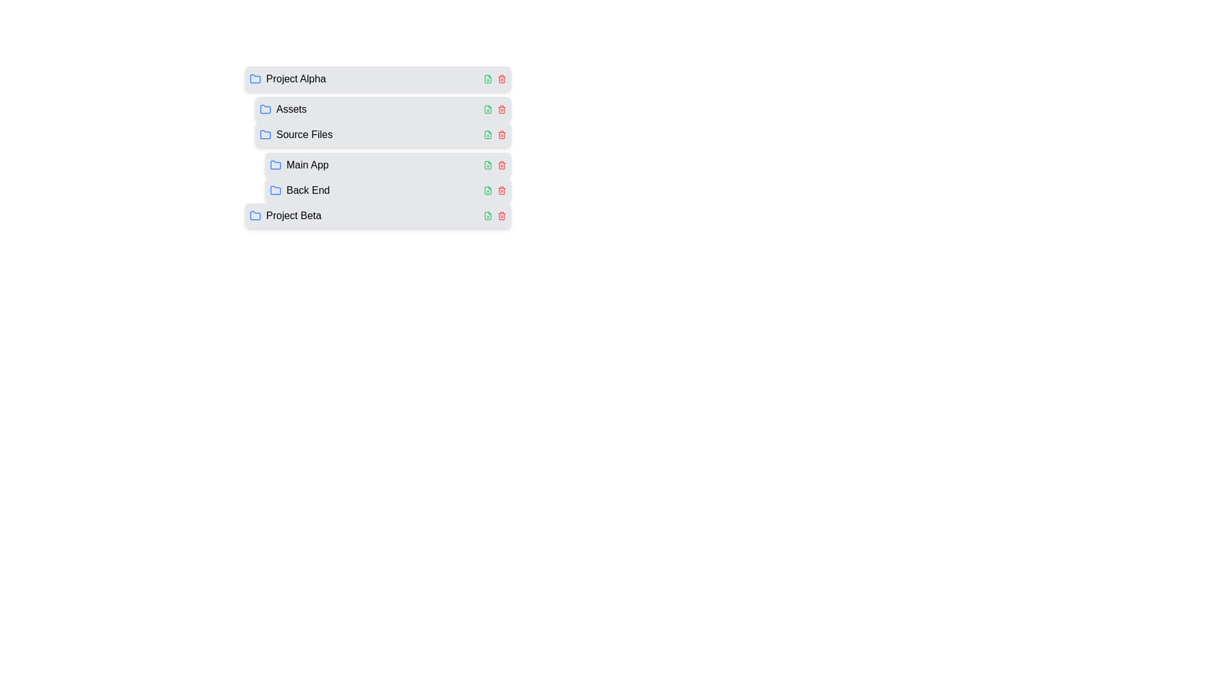  What do you see at coordinates (293, 215) in the screenshot?
I see `the static text label displaying 'Project Beta'` at bounding box center [293, 215].